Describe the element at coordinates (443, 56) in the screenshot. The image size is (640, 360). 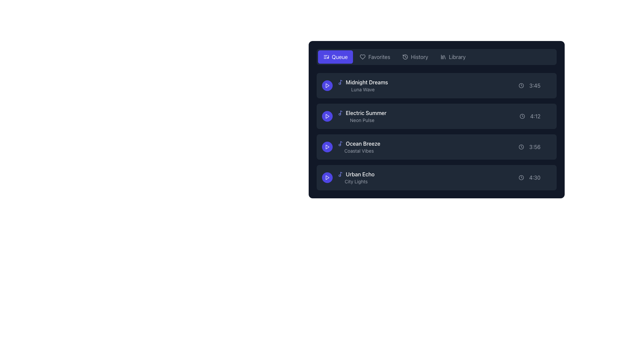
I see `the 'Library' icon located in the fourth position from the left in the top navigation bar, which allows users` at that location.